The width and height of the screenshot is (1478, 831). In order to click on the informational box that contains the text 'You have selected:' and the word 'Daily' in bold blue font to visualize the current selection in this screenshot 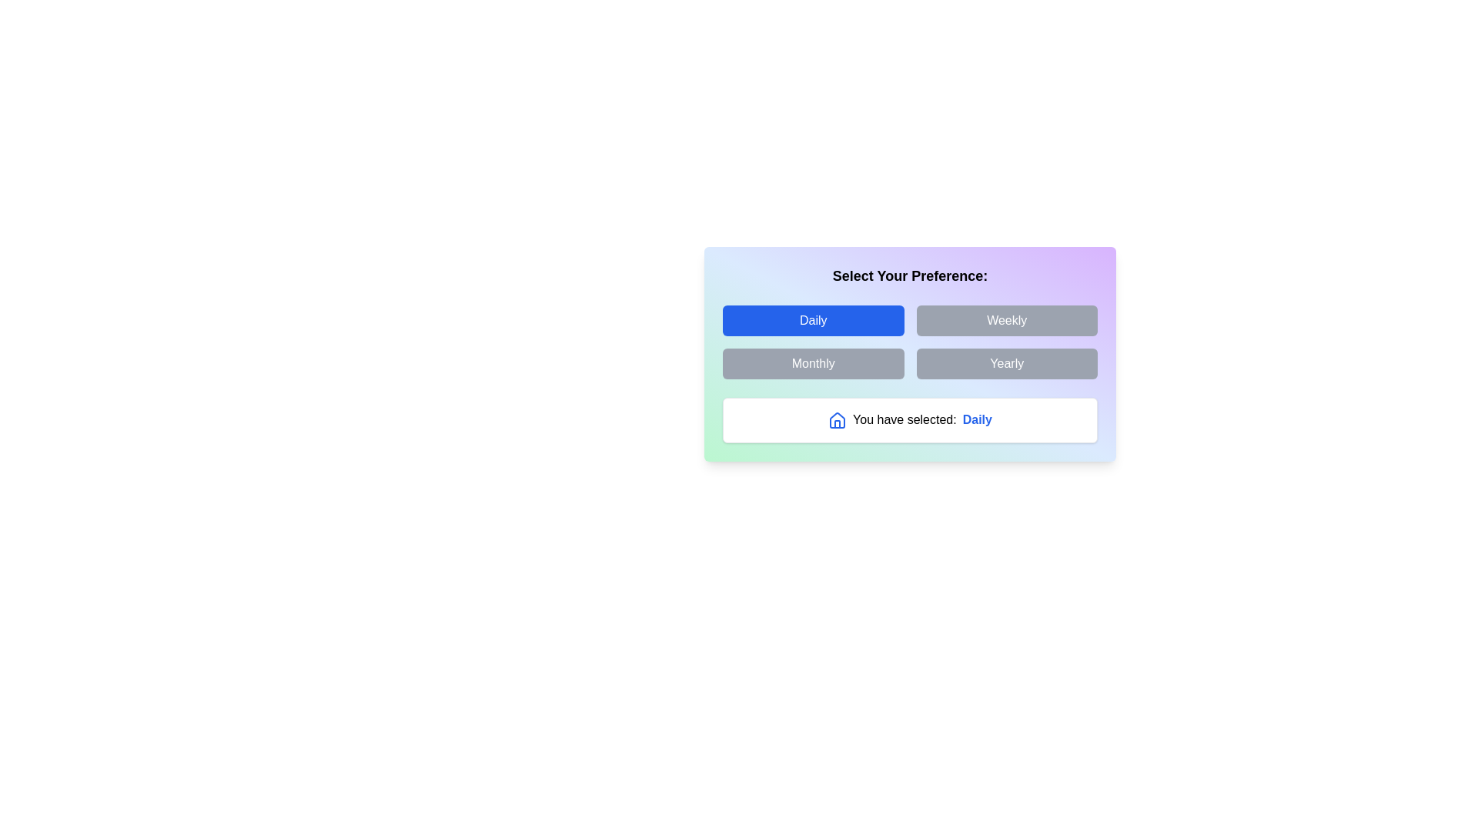, I will do `click(910, 420)`.